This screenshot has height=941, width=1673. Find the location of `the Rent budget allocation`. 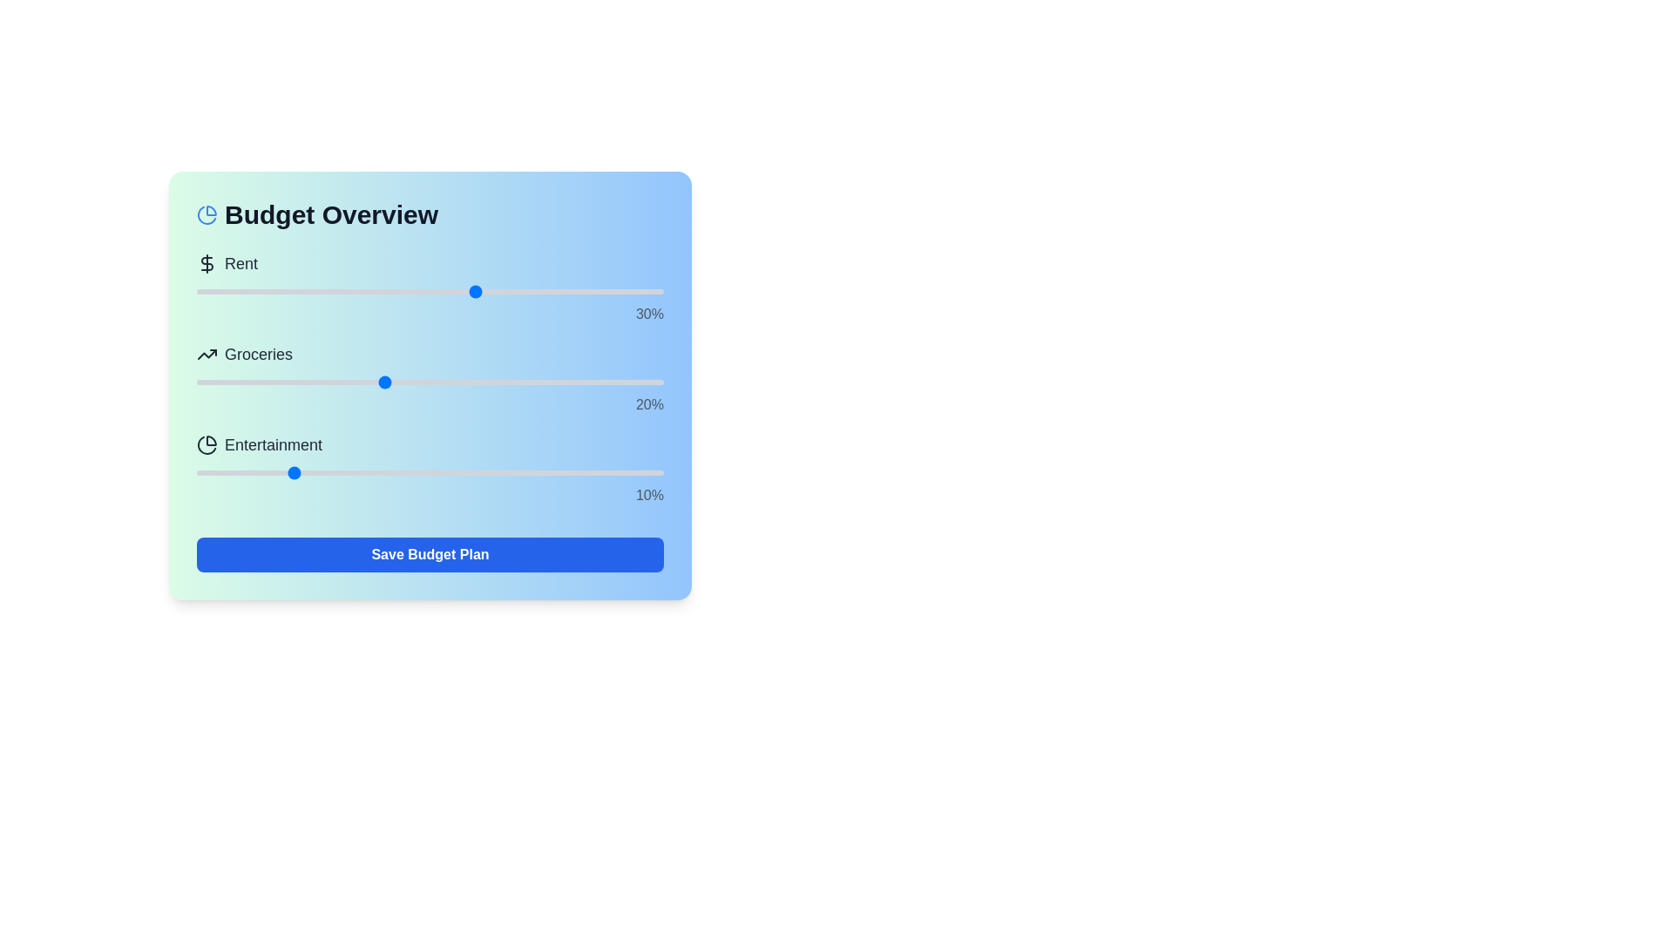

the Rent budget allocation is located at coordinates (477, 291).